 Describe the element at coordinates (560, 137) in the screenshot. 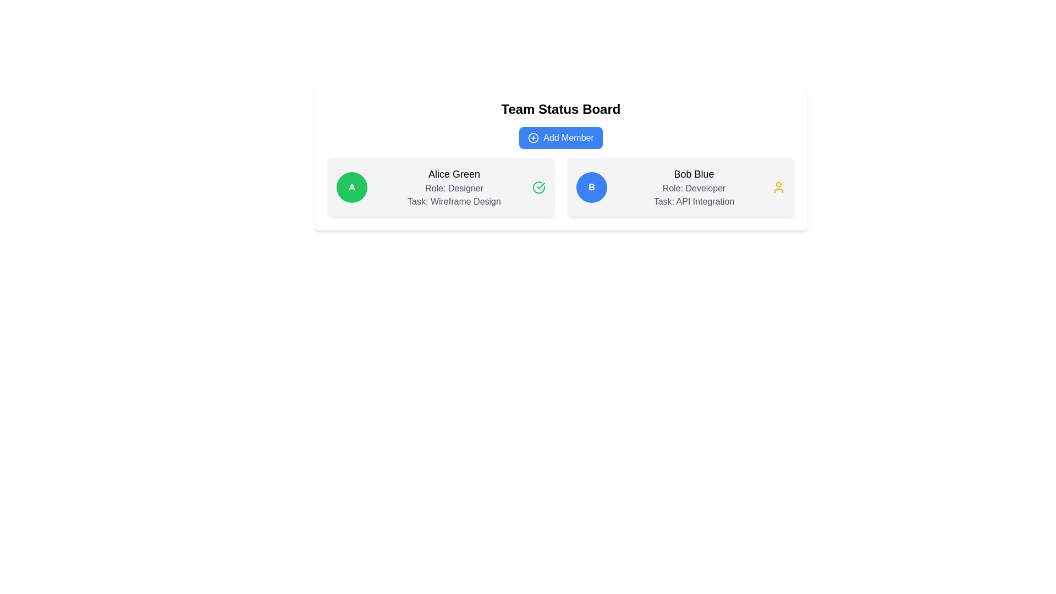

I see `the button used to add a new member to the team, which is located below the 'Team Status Board' title and above the user cards for 'Alice Green' and 'Bob Blue'` at that location.